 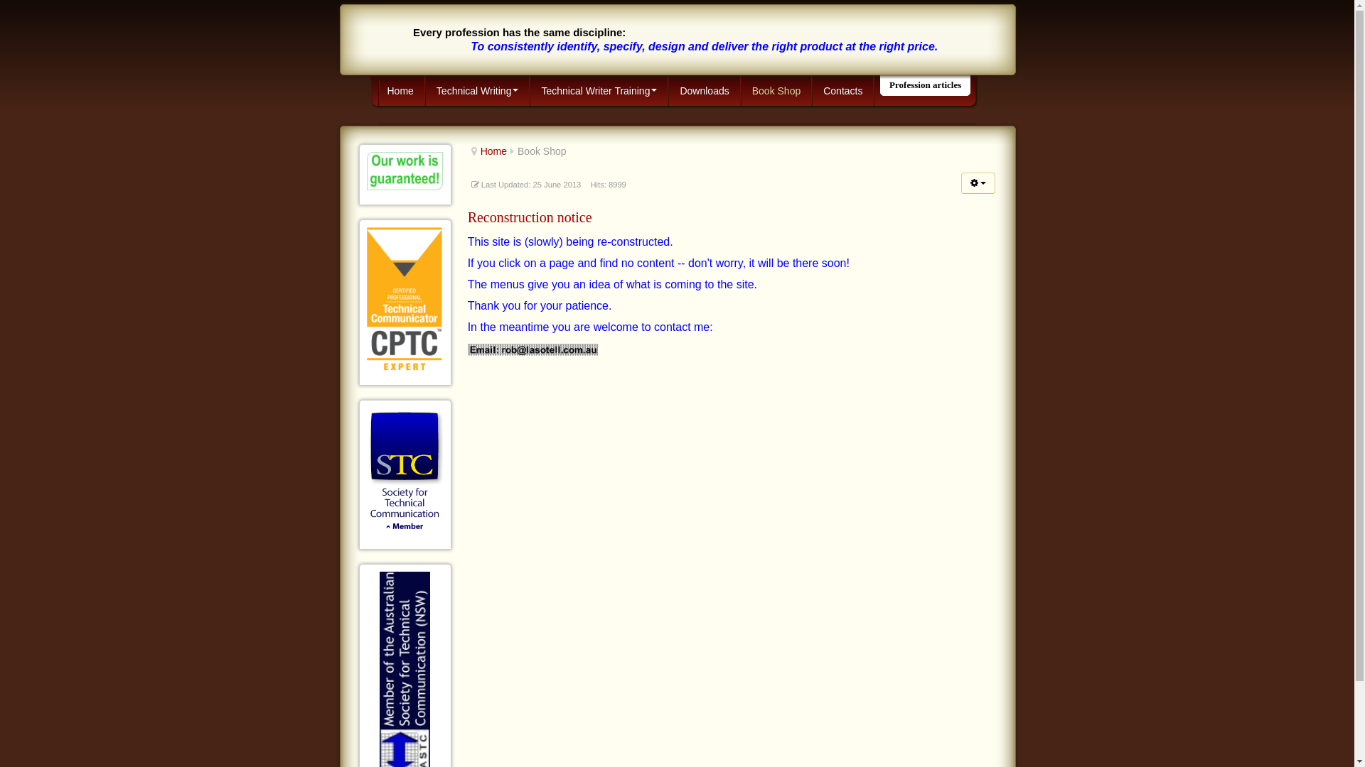 What do you see at coordinates (740, 90) in the screenshot?
I see `'Book Shop'` at bounding box center [740, 90].